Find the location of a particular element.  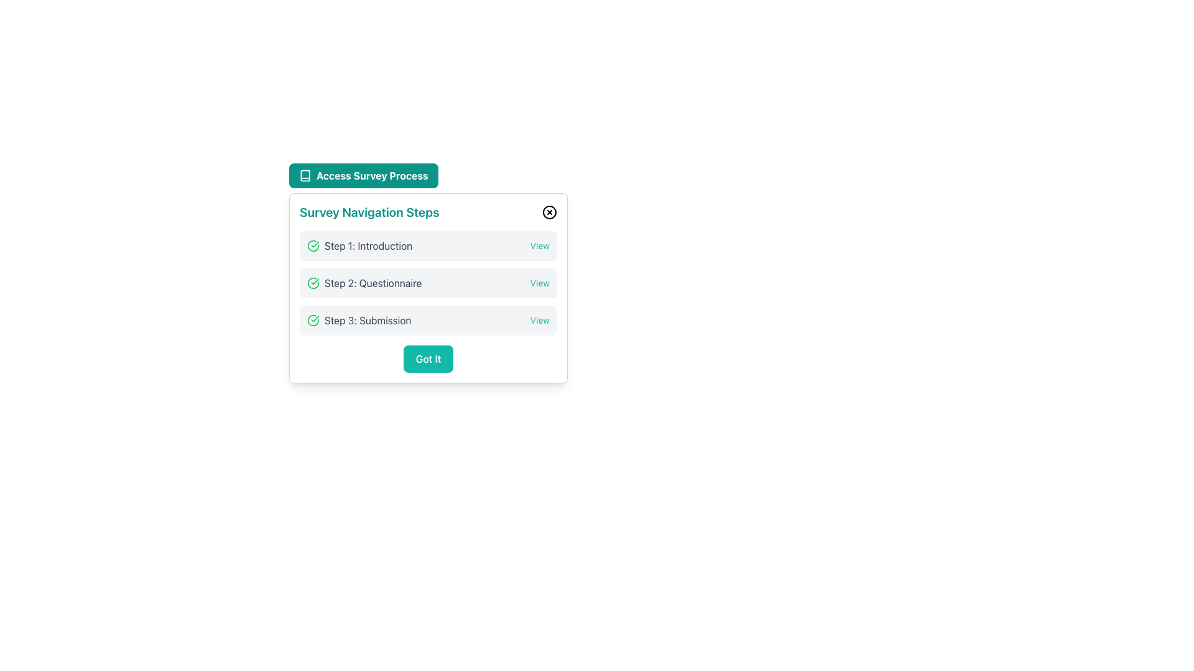

the small book-like icon located in the green header bar labeled 'Access Survey Process', positioned to the left of the text is located at coordinates (305, 175).